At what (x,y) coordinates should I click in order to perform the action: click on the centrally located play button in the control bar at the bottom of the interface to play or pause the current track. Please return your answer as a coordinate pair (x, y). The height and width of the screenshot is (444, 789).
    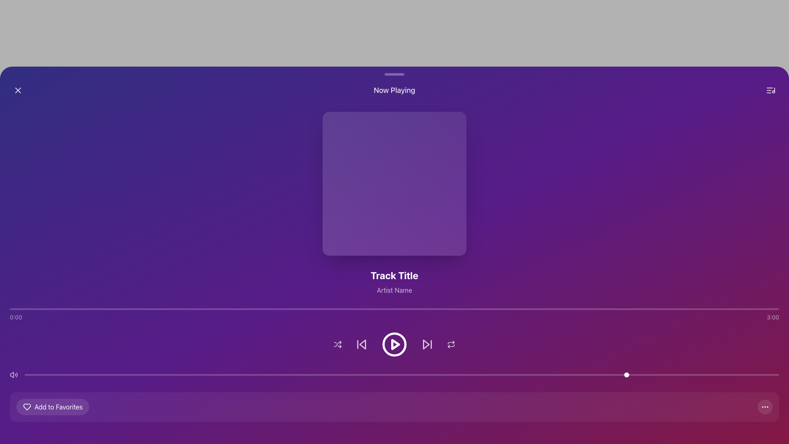
    Looking at the image, I should click on (394, 344).